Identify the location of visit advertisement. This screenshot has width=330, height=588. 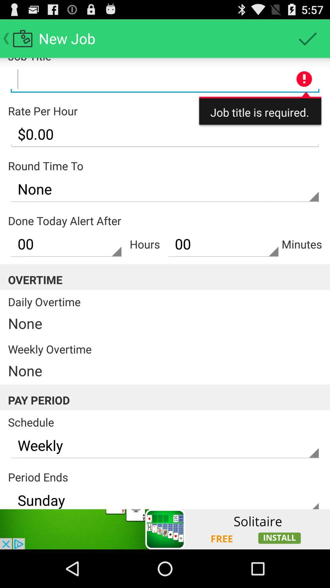
(165, 529).